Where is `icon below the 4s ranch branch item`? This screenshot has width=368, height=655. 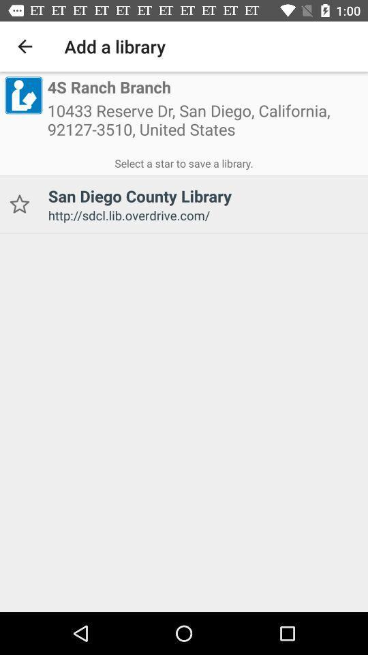 icon below the 4s ranch branch item is located at coordinates (204, 124).